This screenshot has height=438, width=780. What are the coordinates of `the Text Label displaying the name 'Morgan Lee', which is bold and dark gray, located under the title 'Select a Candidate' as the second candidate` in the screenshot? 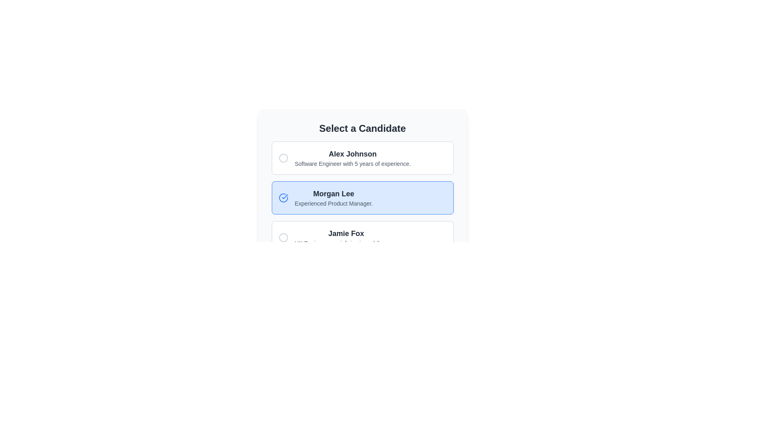 It's located at (334, 194).